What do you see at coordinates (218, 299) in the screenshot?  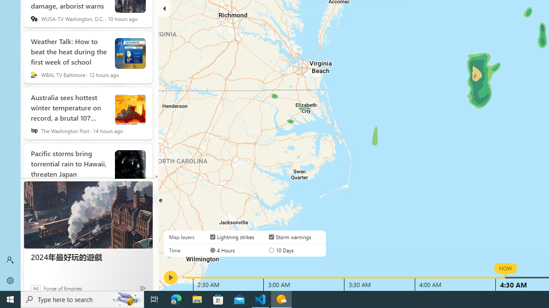 I see `'Microsoft Store'` at bounding box center [218, 299].